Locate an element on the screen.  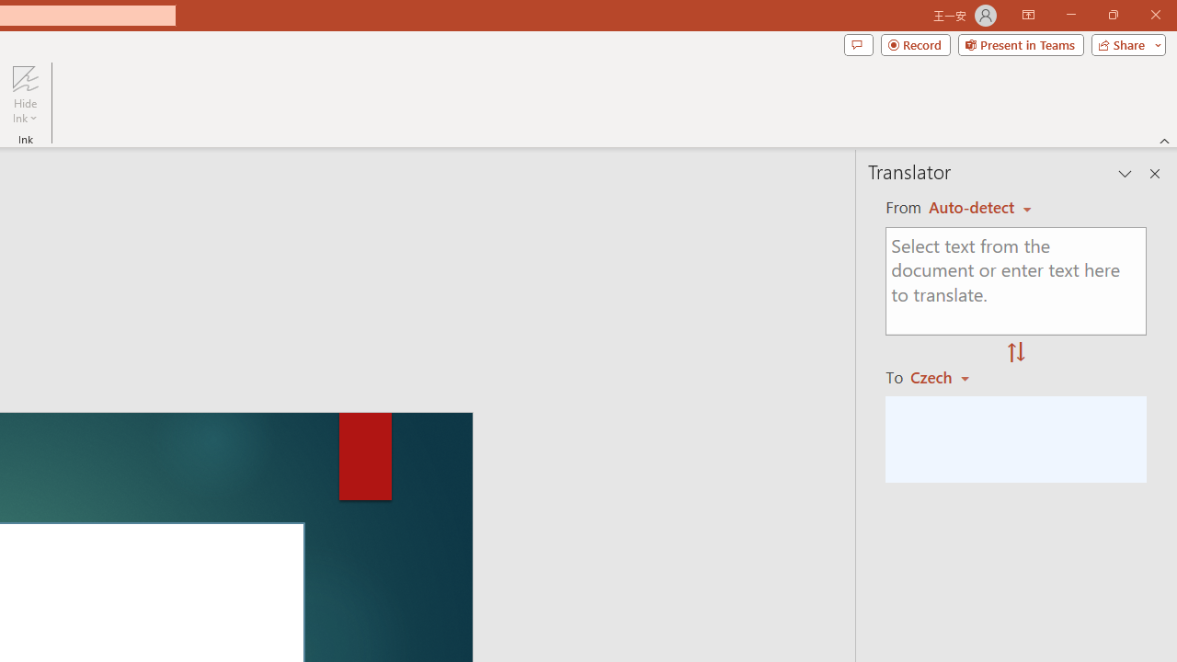
'Hide Ink' is located at coordinates (25, 95).